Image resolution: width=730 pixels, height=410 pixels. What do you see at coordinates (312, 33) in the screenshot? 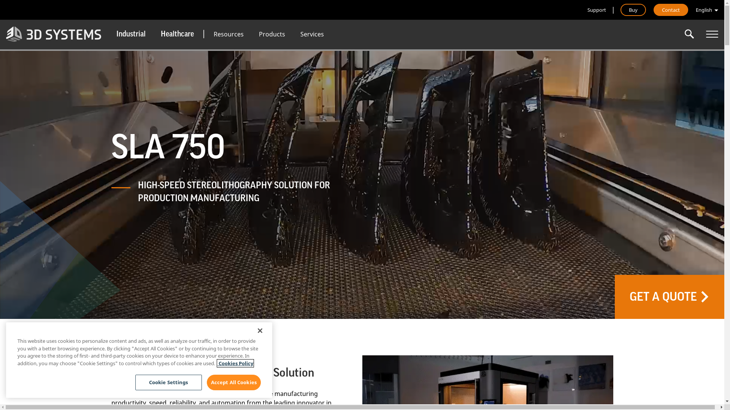
I see `'Services'` at bounding box center [312, 33].